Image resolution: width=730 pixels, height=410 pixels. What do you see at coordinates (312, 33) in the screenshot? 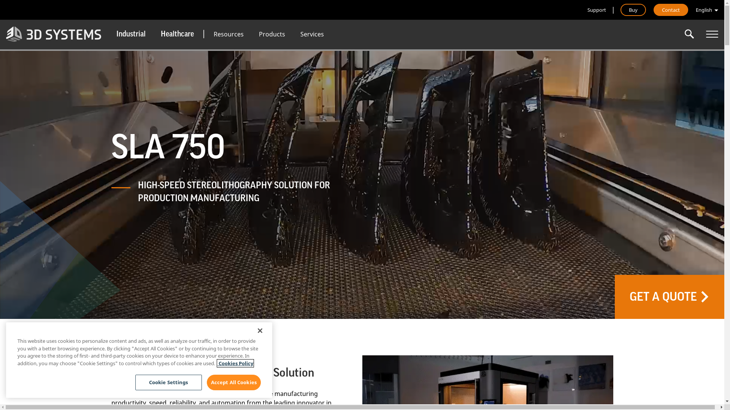
I see `'Services'` at bounding box center [312, 33].